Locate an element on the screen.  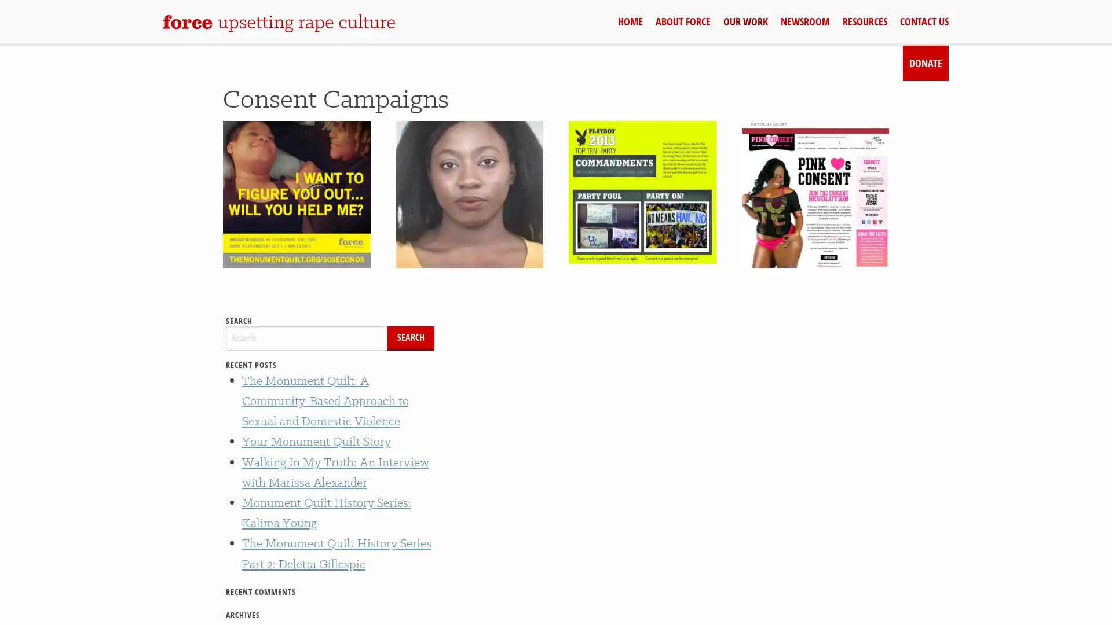
Search is located at coordinates (411, 337).